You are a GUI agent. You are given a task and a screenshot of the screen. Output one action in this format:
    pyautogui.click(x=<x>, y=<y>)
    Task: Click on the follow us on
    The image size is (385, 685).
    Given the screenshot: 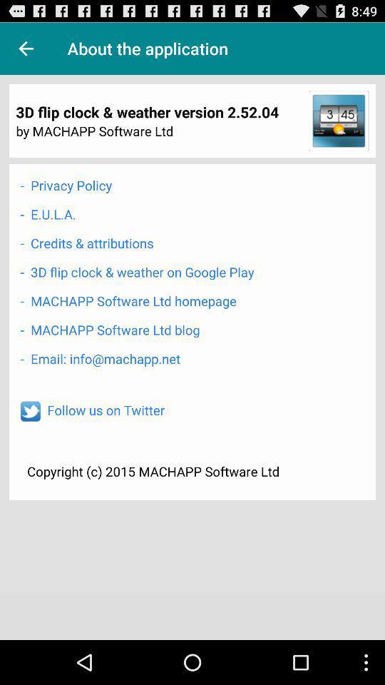 What is the action you would take?
    pyautogui.click(x=105, y=410)
    